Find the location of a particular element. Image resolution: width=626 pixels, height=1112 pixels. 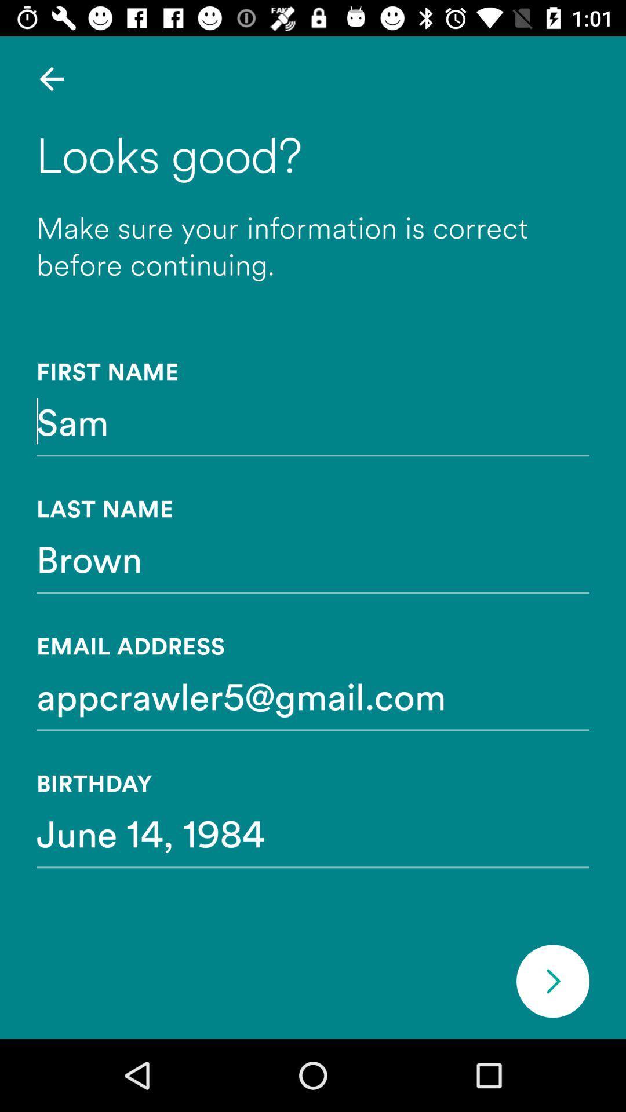

item above the looks good? item is located at coordinates (51, 78).